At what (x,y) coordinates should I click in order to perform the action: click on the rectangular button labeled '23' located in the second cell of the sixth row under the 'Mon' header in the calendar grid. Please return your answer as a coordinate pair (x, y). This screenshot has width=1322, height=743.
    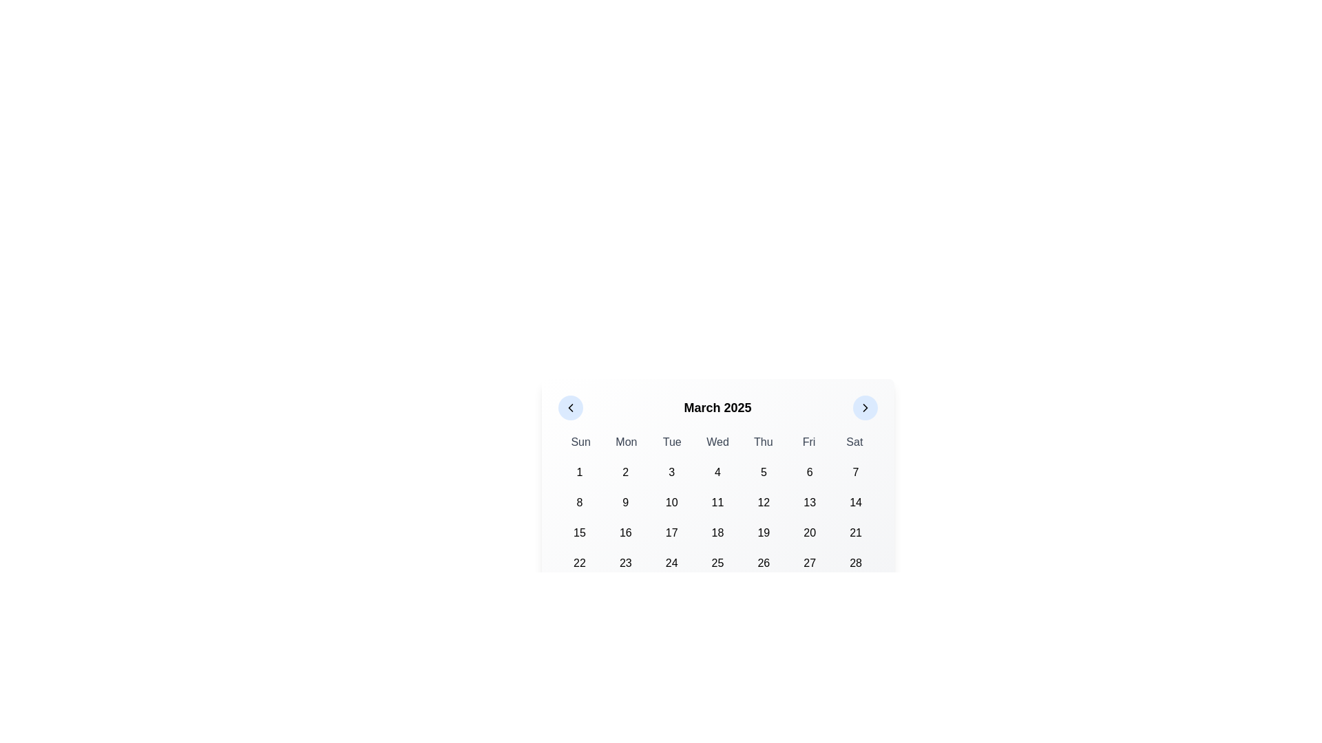
    Looking at the image, I should click on (625, 563).